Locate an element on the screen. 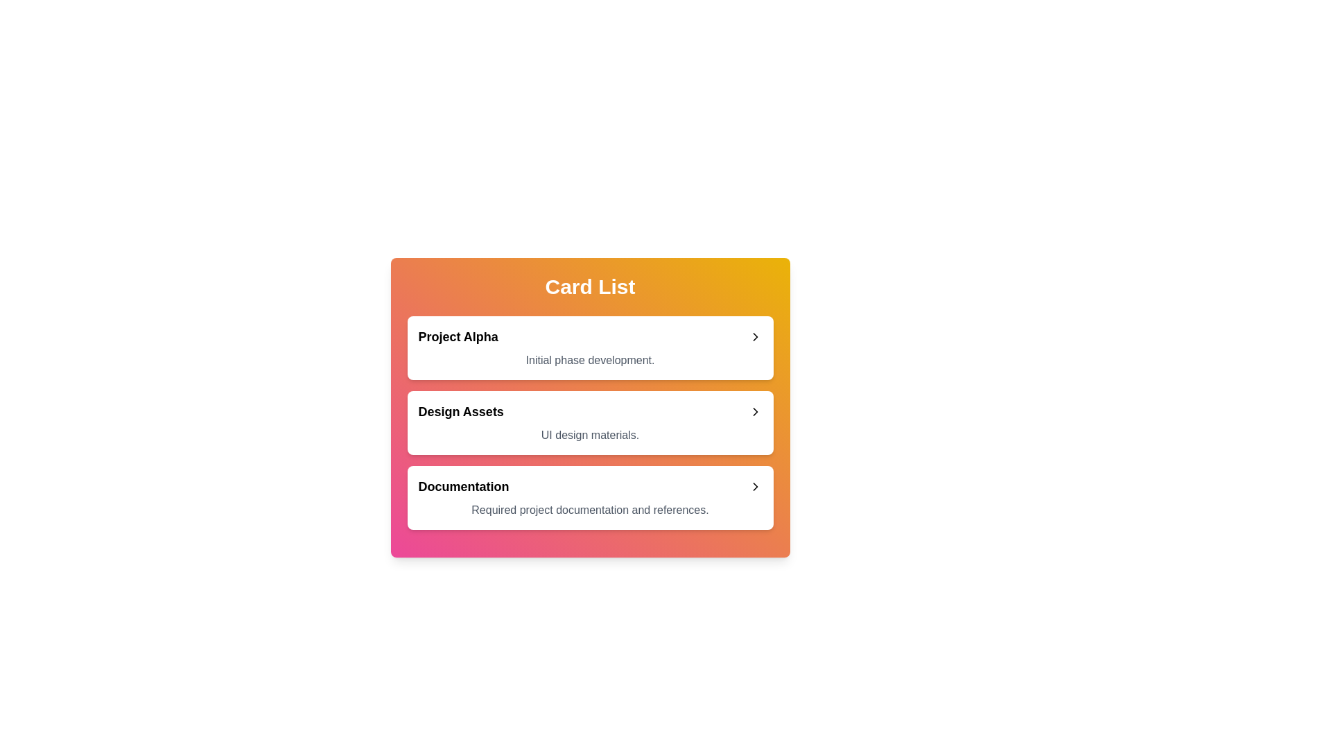 The width and height of the screenshot is (1331, 749). the card titled Design Assets to expand and read its description is located at coordinates (590, 422).